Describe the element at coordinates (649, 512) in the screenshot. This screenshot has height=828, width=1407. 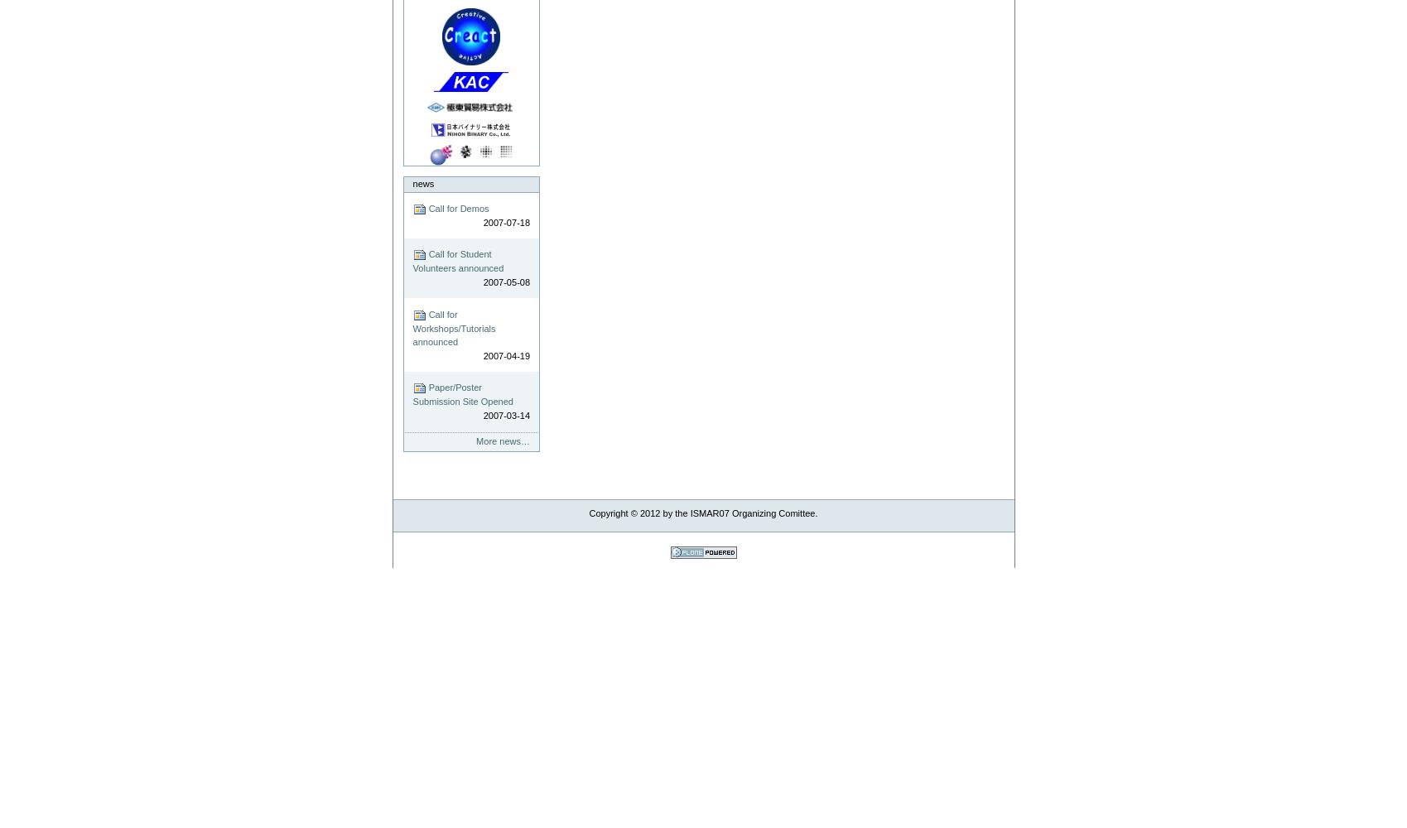
I see `'2012'` at that location.